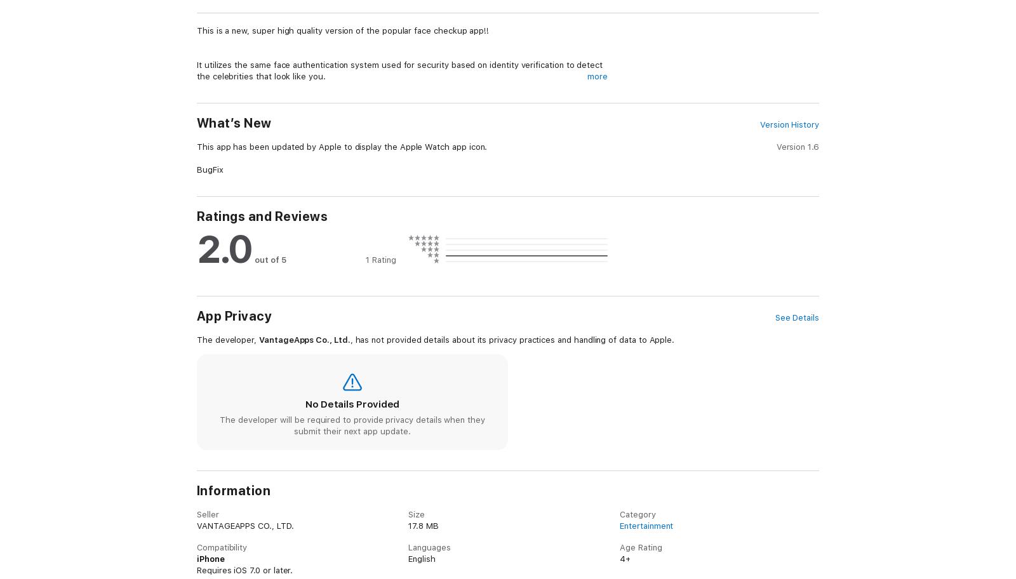  I want to click on 'Try it out with your friends!', so click(250, 533).